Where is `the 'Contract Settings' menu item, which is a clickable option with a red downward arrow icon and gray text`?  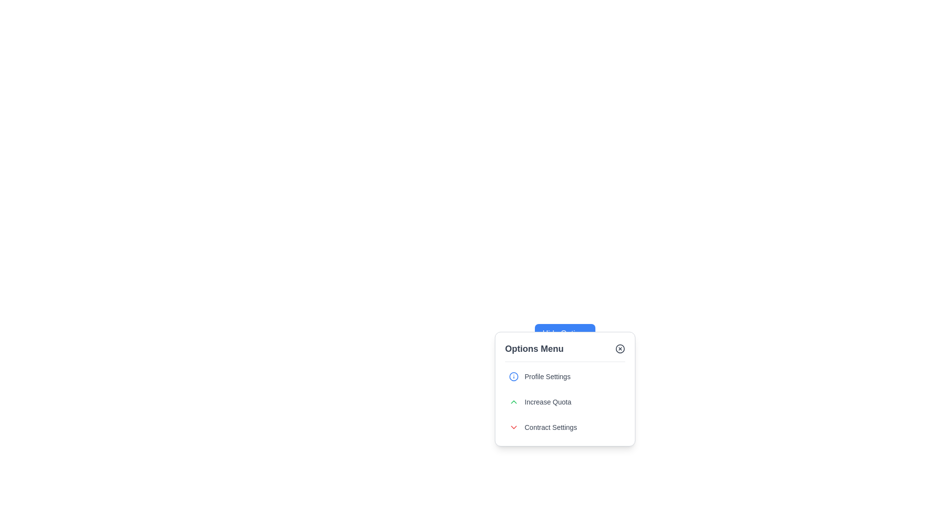
the 'Contract Settings' menu item, which is a clickable option with a red downward arrow icon and gray text is located at coordinates (565, 426).